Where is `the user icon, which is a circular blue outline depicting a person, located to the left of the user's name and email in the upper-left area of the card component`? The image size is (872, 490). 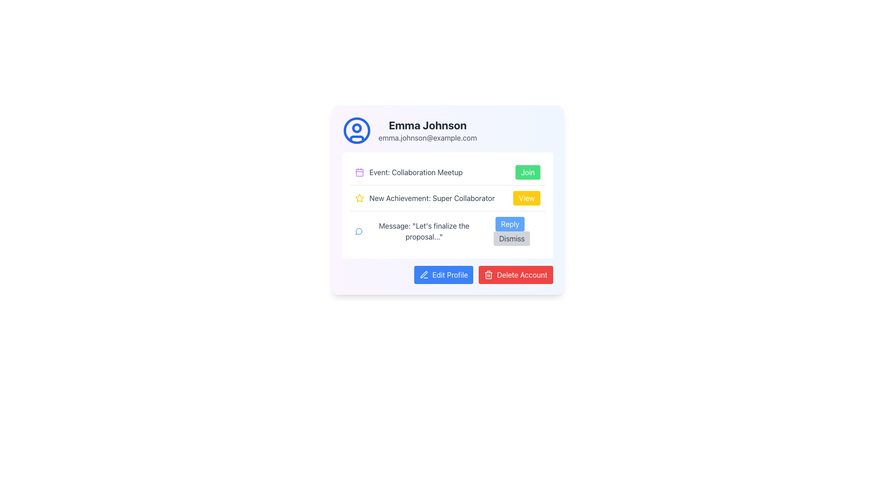
the user icon, which is a circular blue outline depicting a person, located to the left of the user's name and email in the upper-left area of the card component is located at coordinates (356, 131).